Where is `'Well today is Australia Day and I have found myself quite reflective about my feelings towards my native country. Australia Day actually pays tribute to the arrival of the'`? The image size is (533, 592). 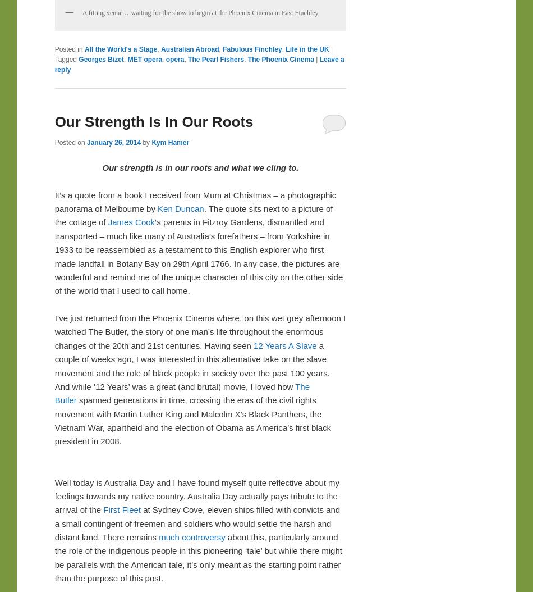 'Well today is Australia Day and I have found myself quite reflective about my feelings towards my native country. Australia Day actually pays tribute to the arrival of the' is located at coordinates (54, 496).